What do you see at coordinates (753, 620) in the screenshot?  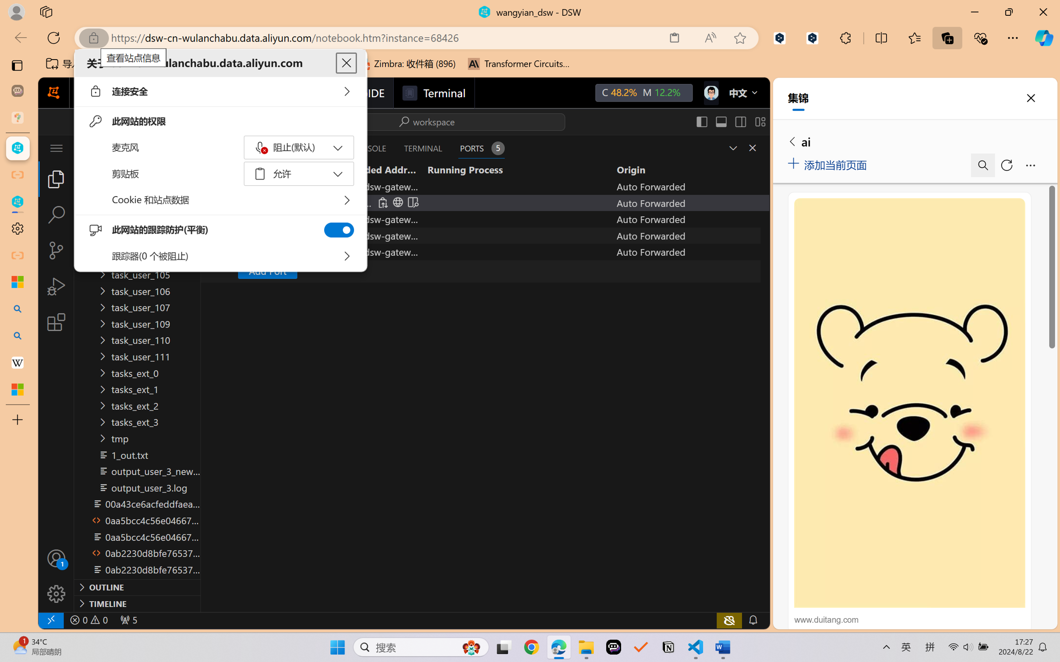 I see `'Notifications'` at bounding box center [753, 620].